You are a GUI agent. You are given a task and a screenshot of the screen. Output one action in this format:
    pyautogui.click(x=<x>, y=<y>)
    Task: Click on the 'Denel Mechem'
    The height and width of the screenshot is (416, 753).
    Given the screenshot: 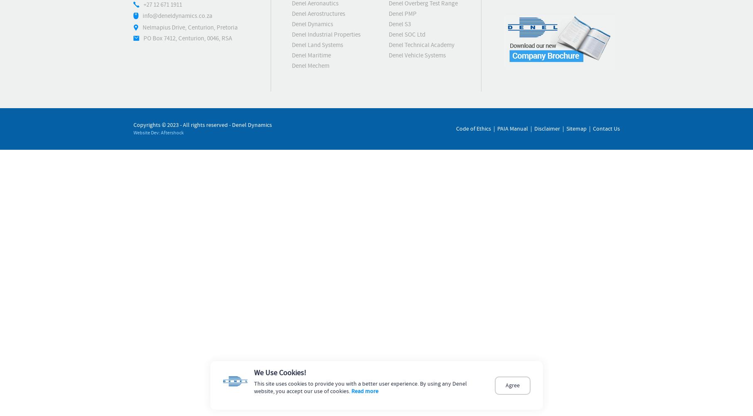 What is the action you would take?
    pyautogui.click(x=310, y=66)
    